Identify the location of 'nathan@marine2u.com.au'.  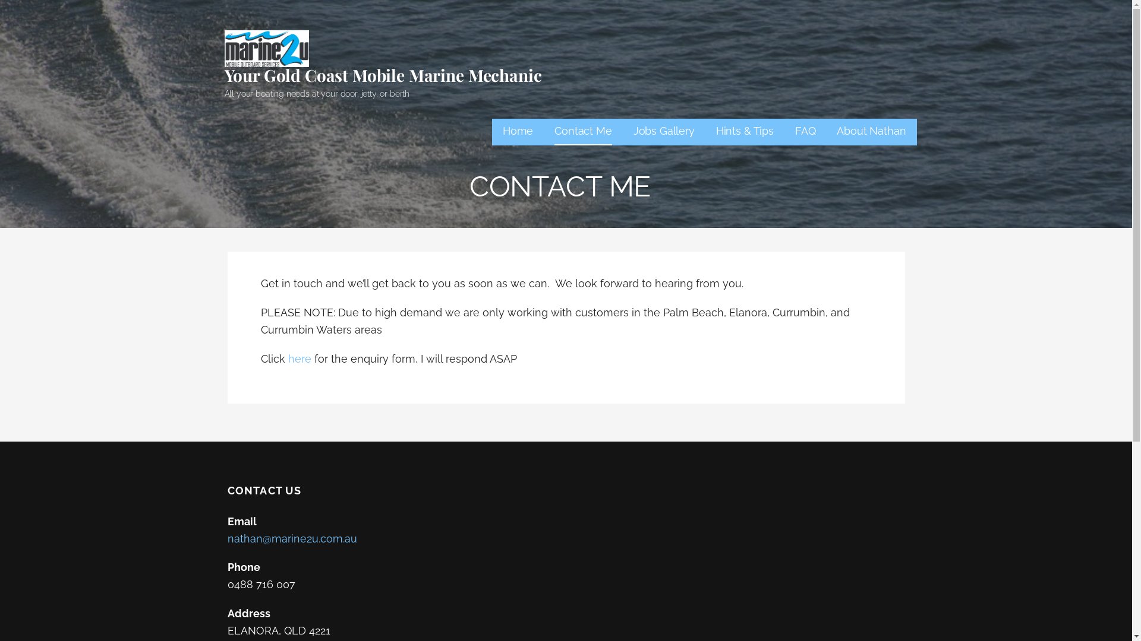
(291, 538).